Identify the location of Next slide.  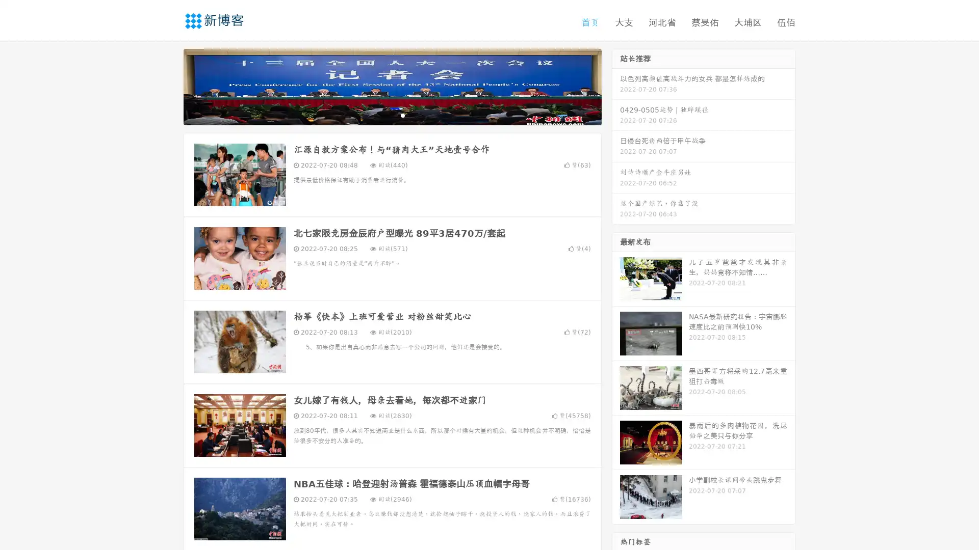
(616, 86).